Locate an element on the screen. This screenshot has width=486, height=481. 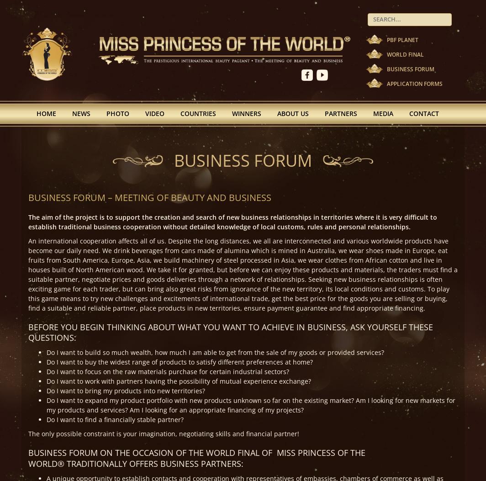
'Winners' is located at coordinates (246, 112).